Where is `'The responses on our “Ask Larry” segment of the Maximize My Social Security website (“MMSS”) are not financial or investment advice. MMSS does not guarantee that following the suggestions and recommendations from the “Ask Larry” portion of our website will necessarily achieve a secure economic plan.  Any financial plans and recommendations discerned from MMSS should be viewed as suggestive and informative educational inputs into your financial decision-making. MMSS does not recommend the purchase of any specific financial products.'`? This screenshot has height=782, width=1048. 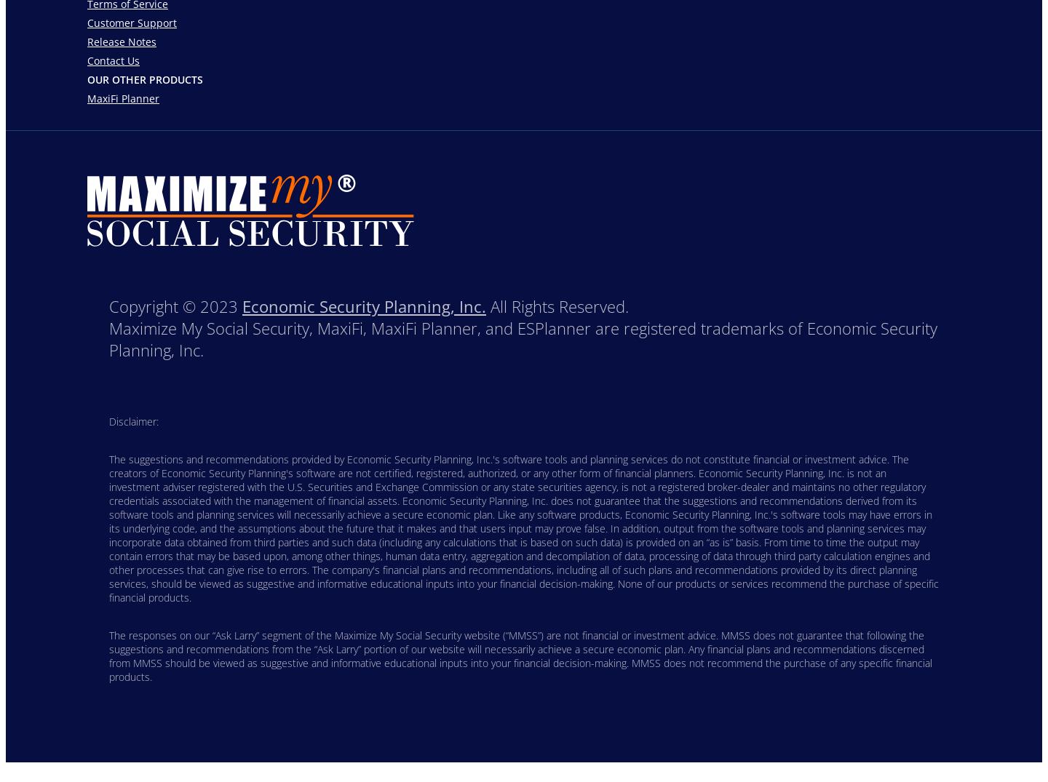
'The responses on our “Ask Larry” segment of the Maximize My Social Security website (“MMSS”) are not financial or investment advice. MMSS does not guarantee that following the suggestions and recommendations from the “Ask Larry” portion of our website will necessarily achieve a secure economic plan.  Any financial plans and recommendations discerned from MMSS should be viewed as suggestive and informative educational inputs into your financial decision-making. MMSS does not recommend the purchase of any specific financial products.' is located at coordinates (108, 655).